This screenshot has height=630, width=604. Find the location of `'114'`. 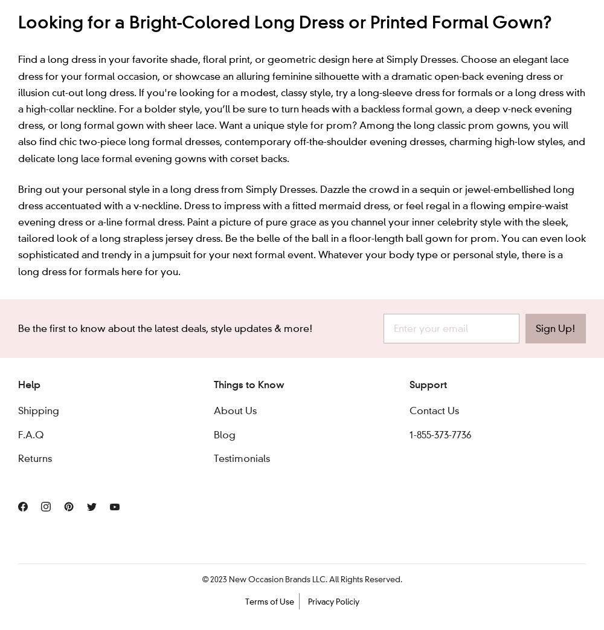

'114' is located at coordinates (290, 616).